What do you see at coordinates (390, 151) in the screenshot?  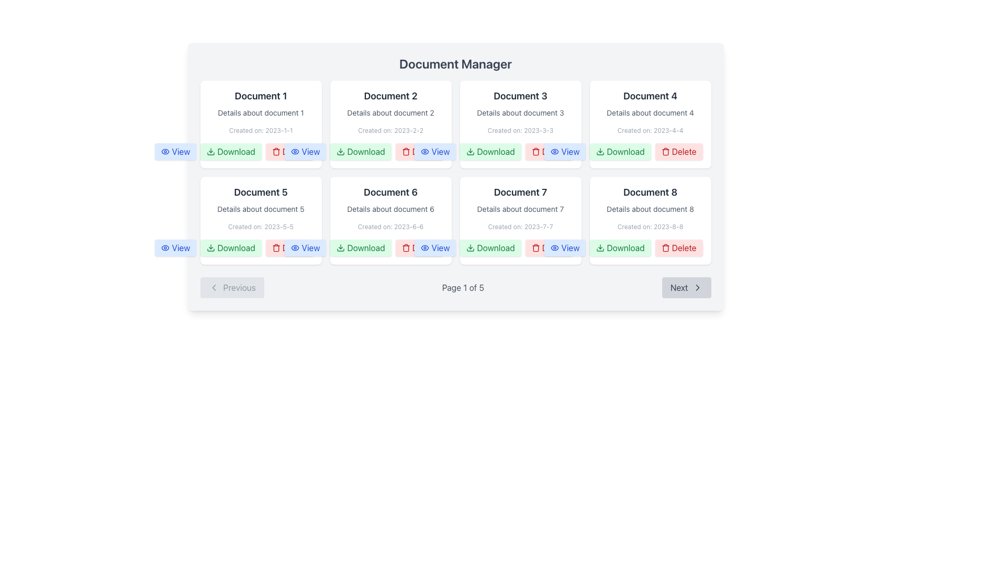 I see `the 'Download' button located at the bottom of the 'Document 2' card in the second column of the first row to download the document` at bounding box center [390, 151].